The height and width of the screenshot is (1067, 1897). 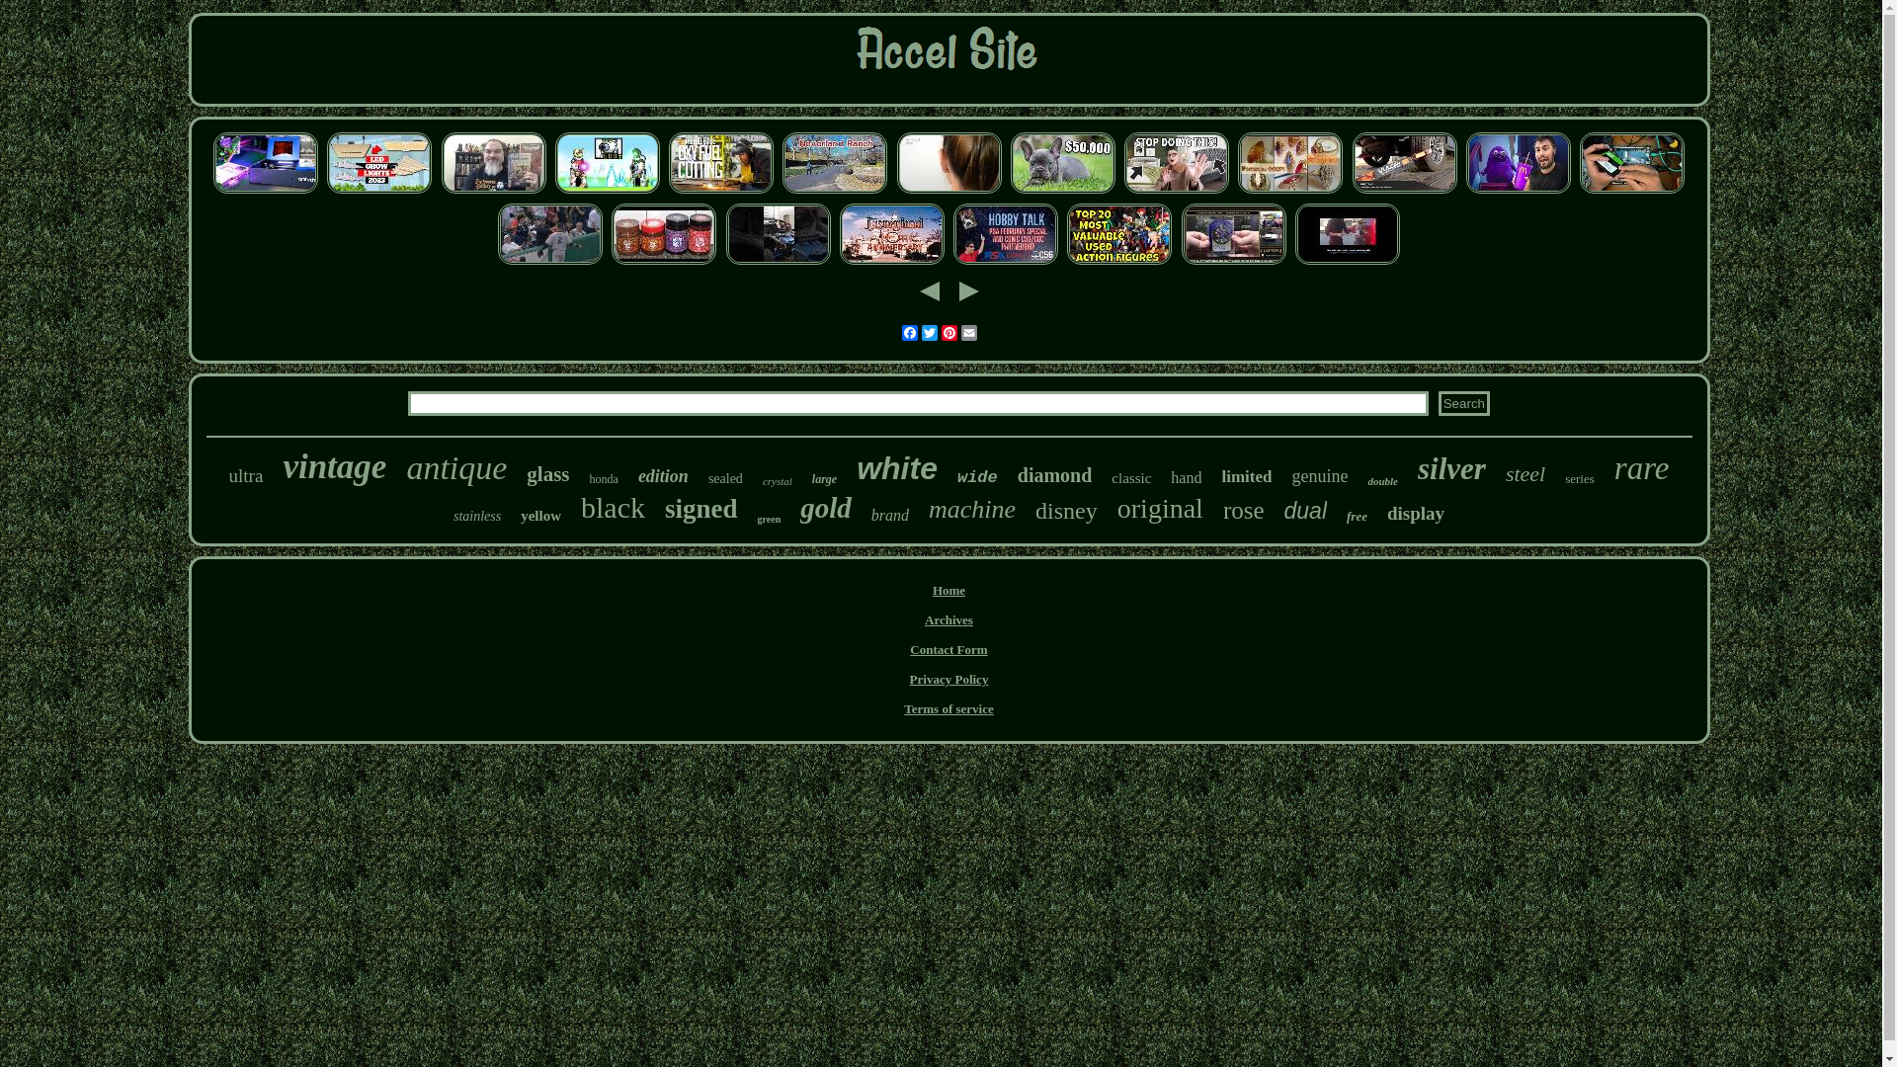 I want to click on 'Contact Form', so click(x=948, y=649).